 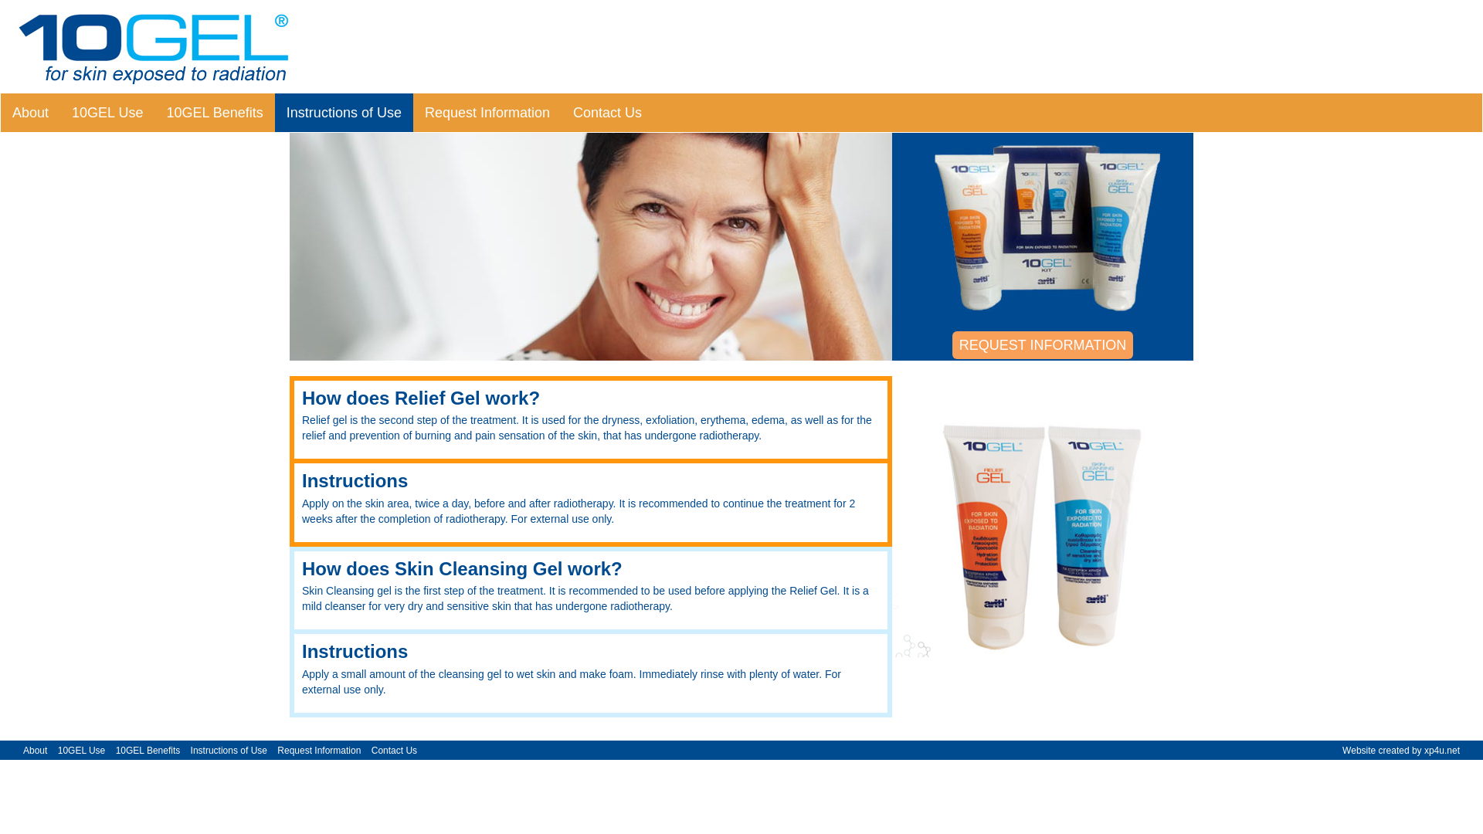 What do you see at coordinates (1042, 344) in the screenshot?
I see `'REQUEST INFORMATION'` at bounding box center [1042, 344].